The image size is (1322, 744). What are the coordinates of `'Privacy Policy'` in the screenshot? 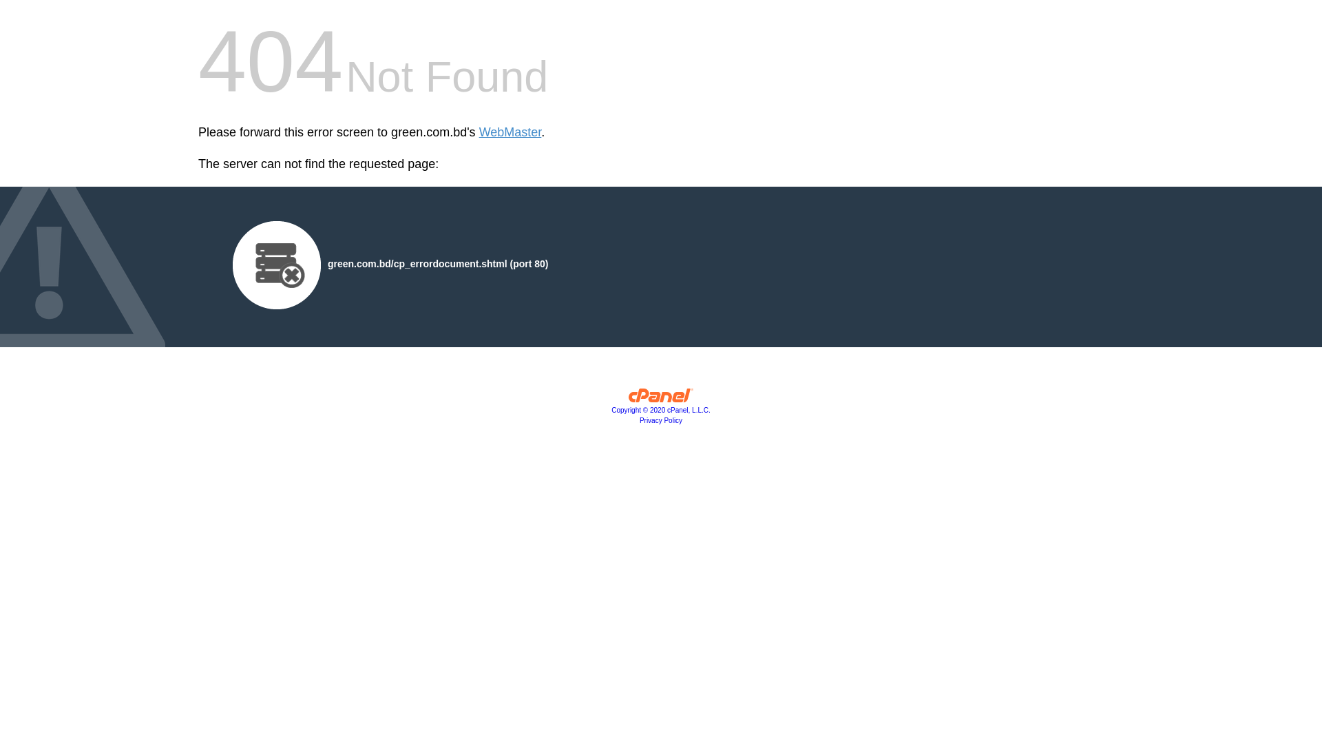 It's located at (661, 420).